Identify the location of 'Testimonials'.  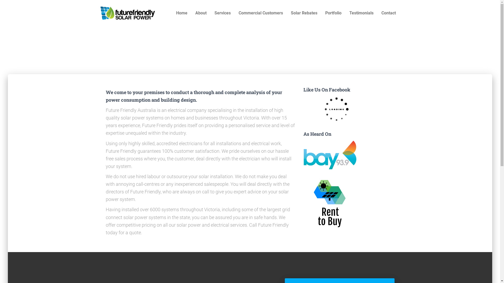
(361, 13).